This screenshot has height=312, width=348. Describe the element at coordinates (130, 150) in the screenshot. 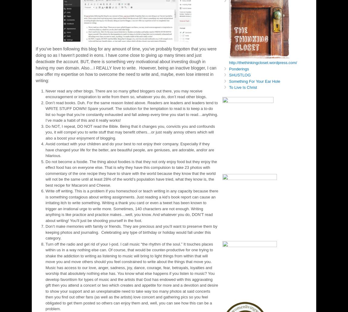

I see `'Avoid contact with your children and do your best to not enjoy their company. Especially if they have changed your life for the better, are beautiful people, are geniuses, are adorable, and/or are hilarious.'` at that location.